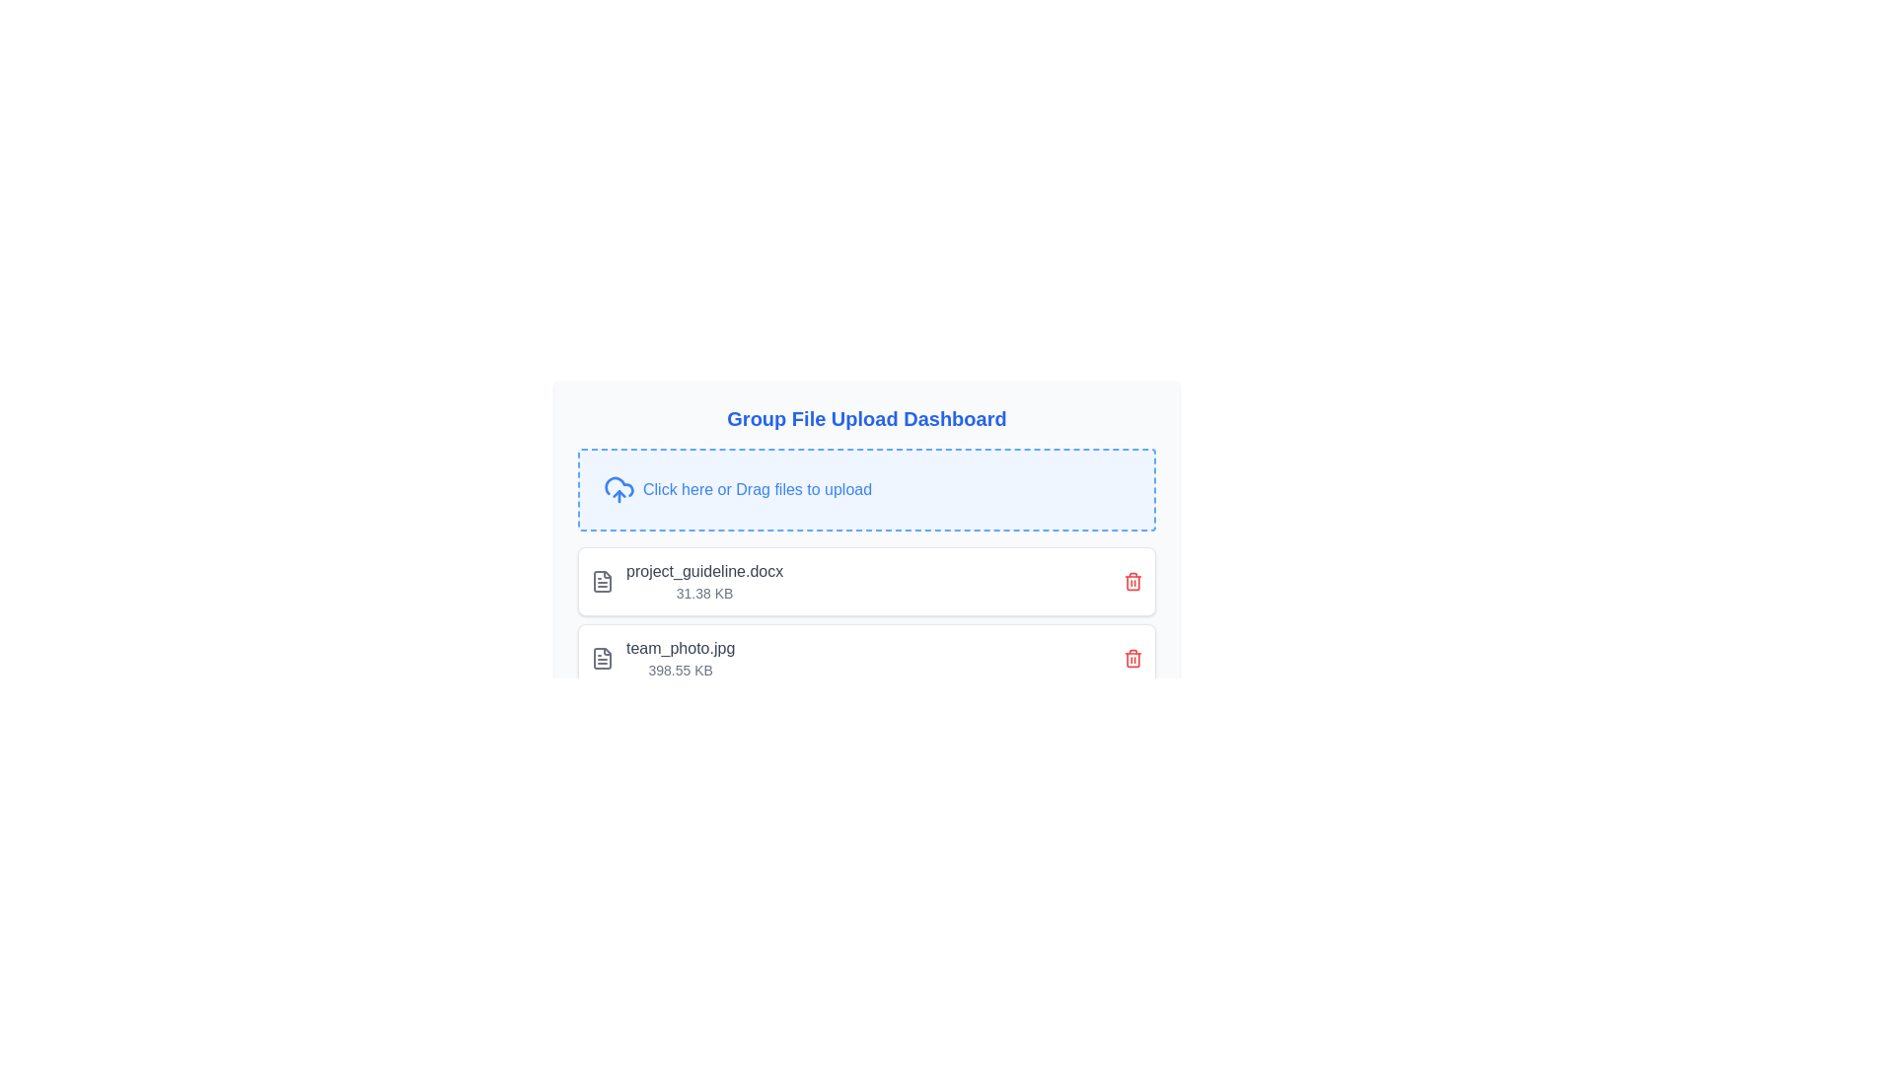 The height and width of the screenshot is (1065, 1894). Describe the element at coordinates (704, 571) in the screenshot. I see `the text label displaying the filename 'project_guideline.docx' to select the text` at that location.